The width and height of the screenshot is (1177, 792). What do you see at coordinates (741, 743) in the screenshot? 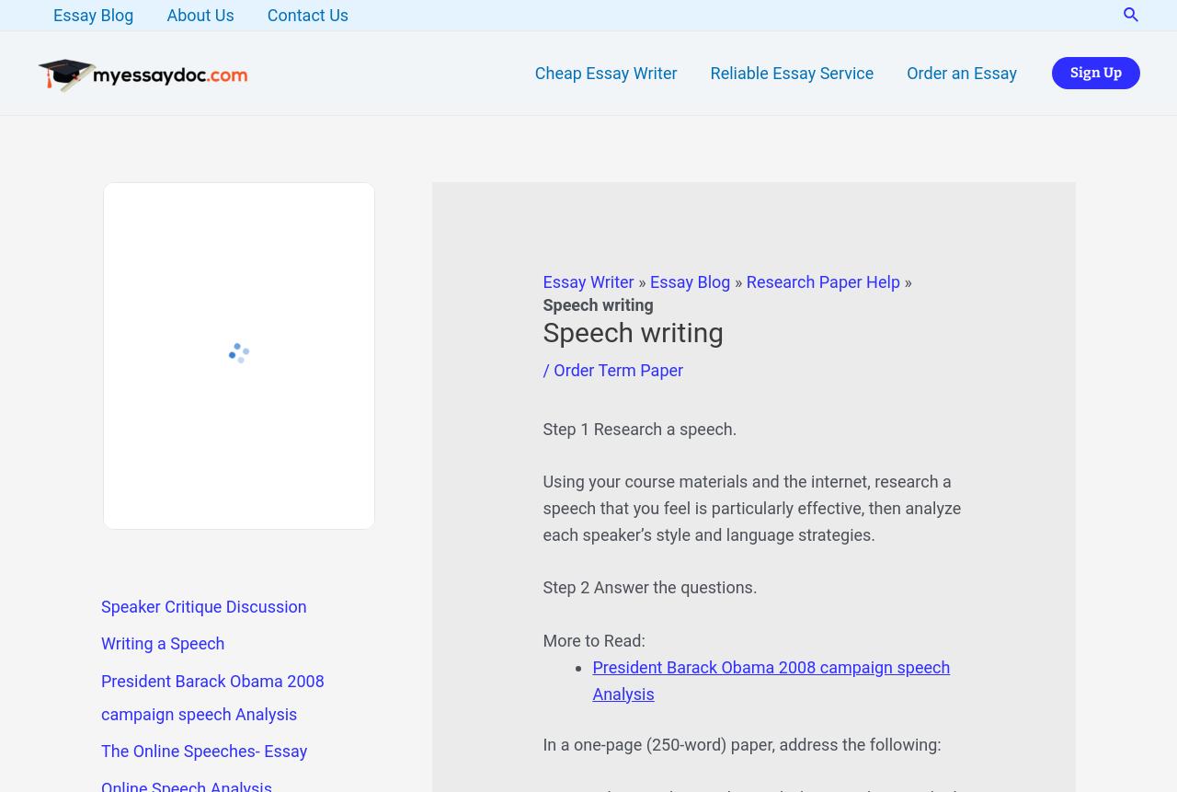
I see `'In a one-page (250-word) paper, address the following:'` at bounding box center [741, 743].